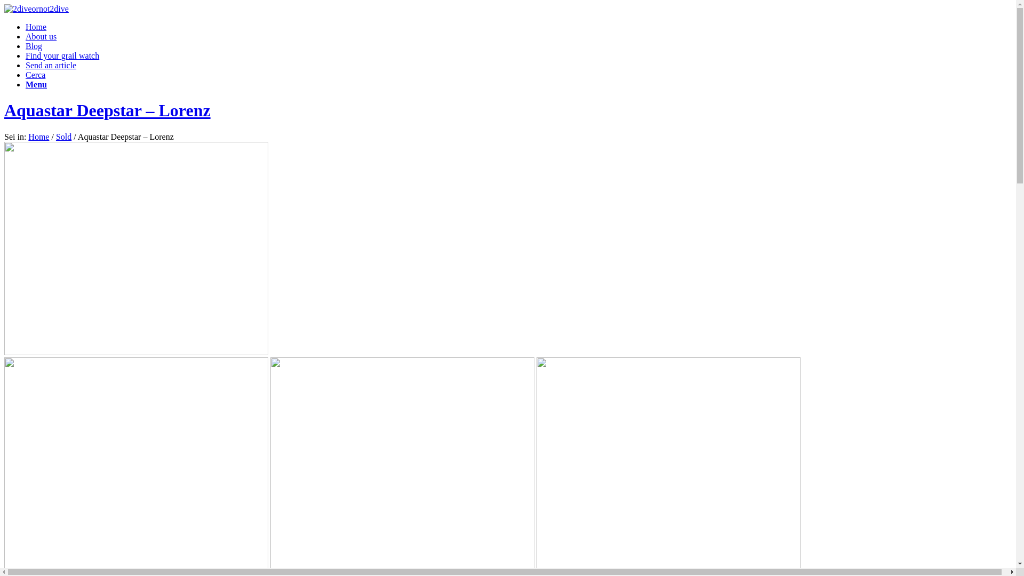 The image size is (1024, 576). What do you see at coordinates (34, 45) in the screenshot?
I see `'Blog'` at bounding box center [34, 45].